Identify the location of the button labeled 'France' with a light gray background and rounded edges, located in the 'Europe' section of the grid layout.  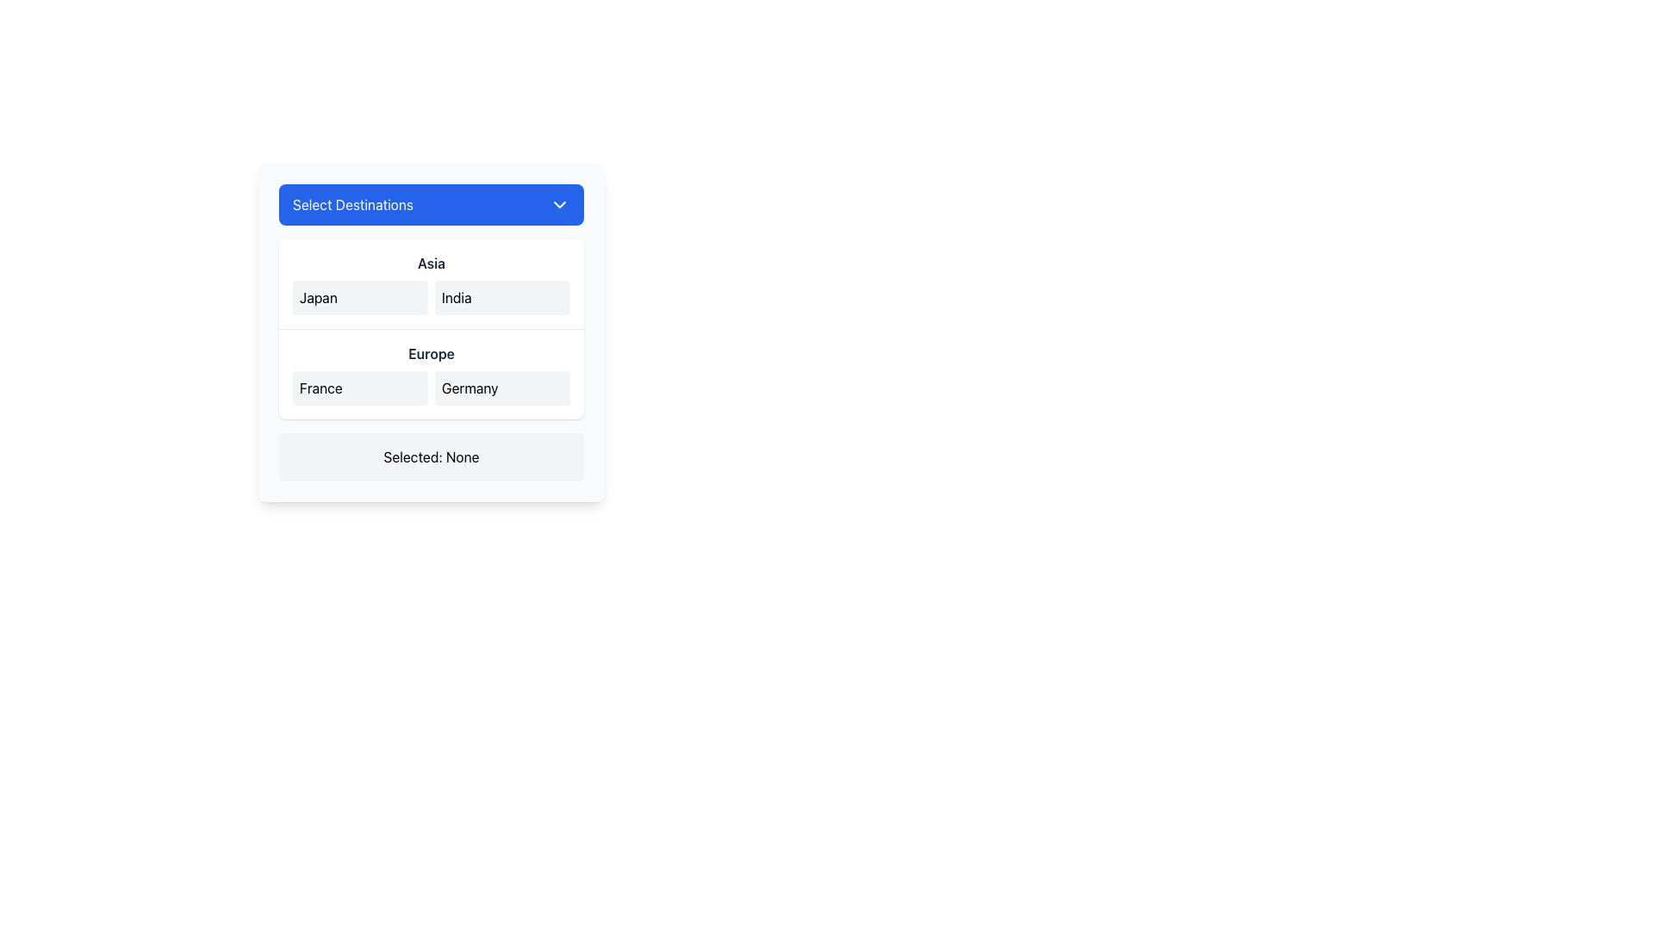
(359, 388).